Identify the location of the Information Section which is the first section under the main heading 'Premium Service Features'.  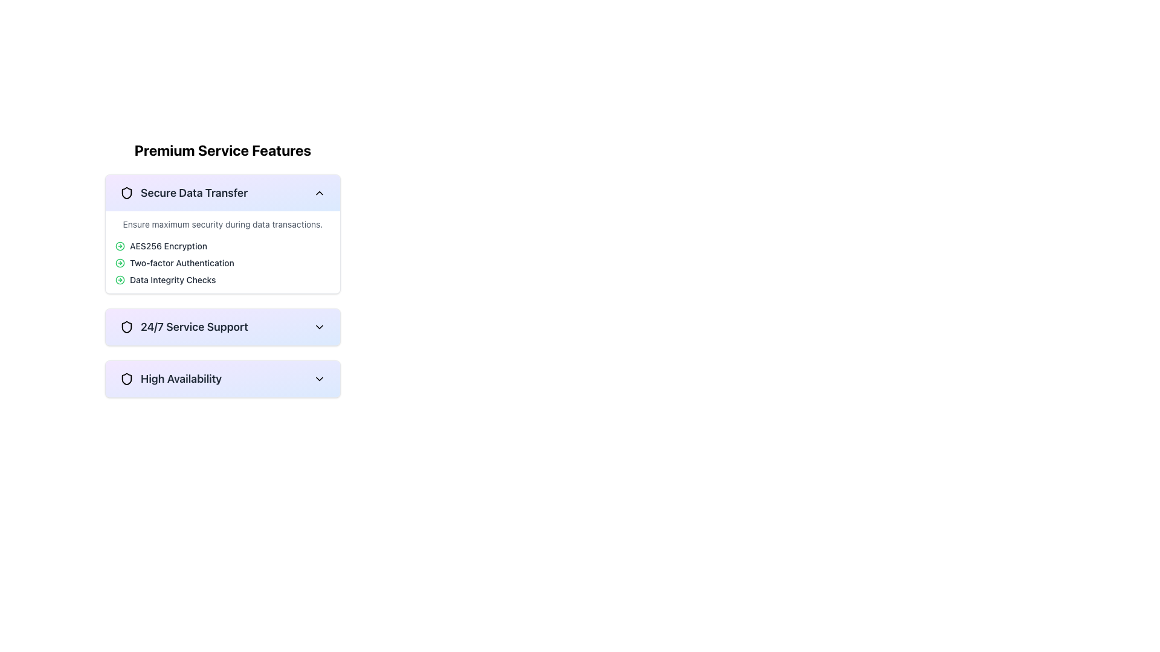
(223, 269).